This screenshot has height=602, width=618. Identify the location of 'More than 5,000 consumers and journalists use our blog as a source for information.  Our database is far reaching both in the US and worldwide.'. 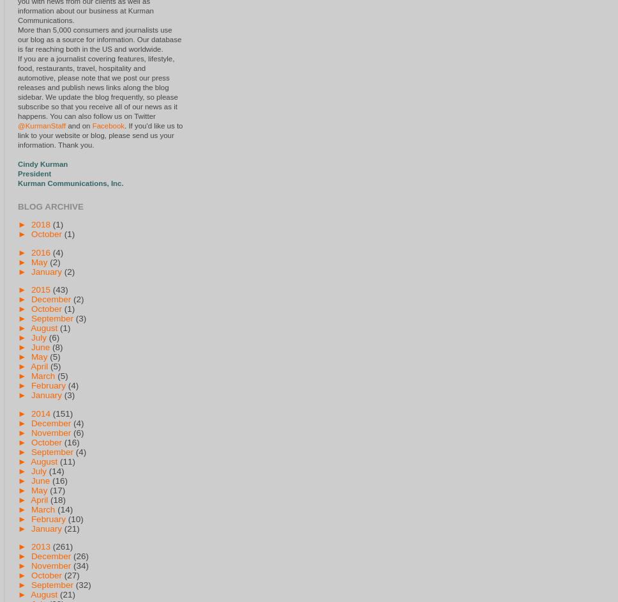
(99, 38).